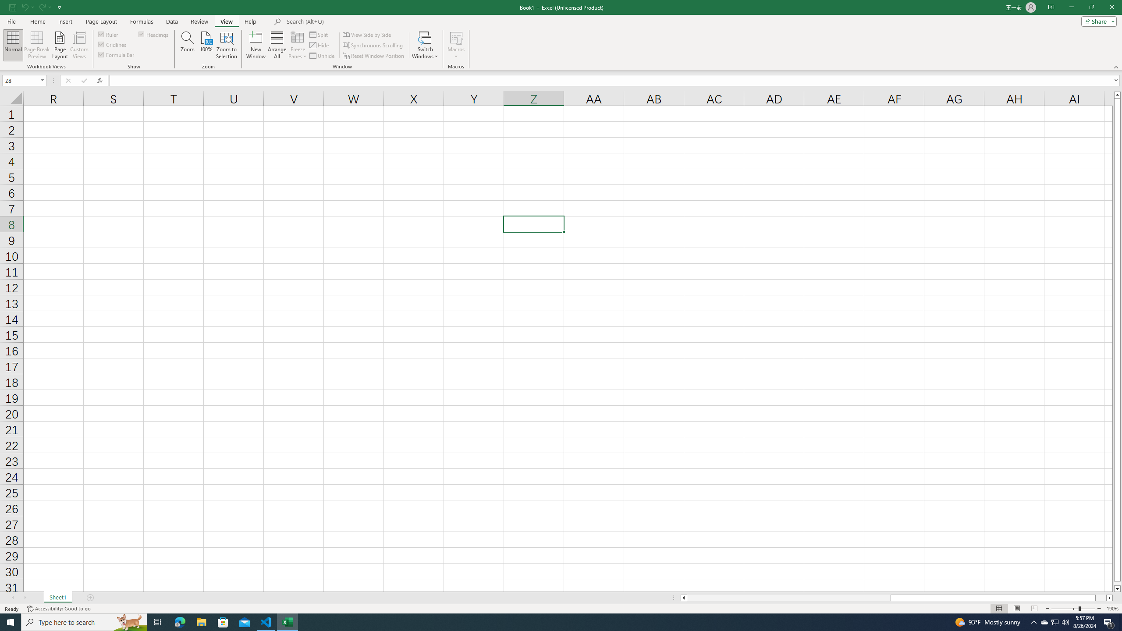  Describe the element at coordinates (187, 45) in the screenshot. I see `'Zoom...'` at that location.